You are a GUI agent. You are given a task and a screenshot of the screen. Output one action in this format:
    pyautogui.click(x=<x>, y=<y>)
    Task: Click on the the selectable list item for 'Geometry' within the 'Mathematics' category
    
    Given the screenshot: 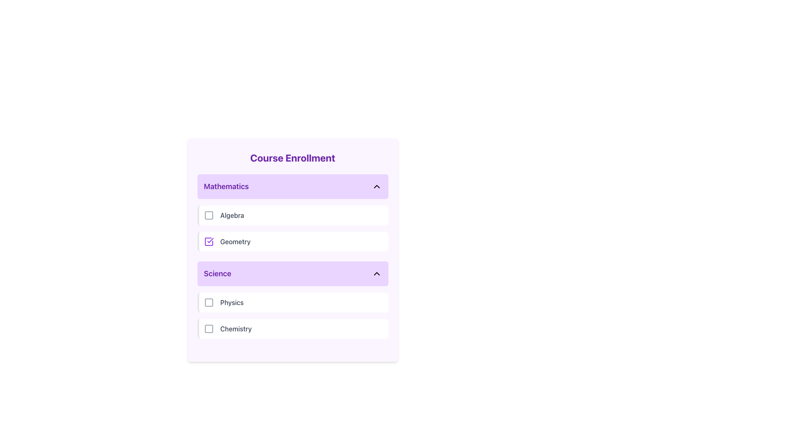 What is the action you would take?
    pyautogui.click(x=293, y=241)
    